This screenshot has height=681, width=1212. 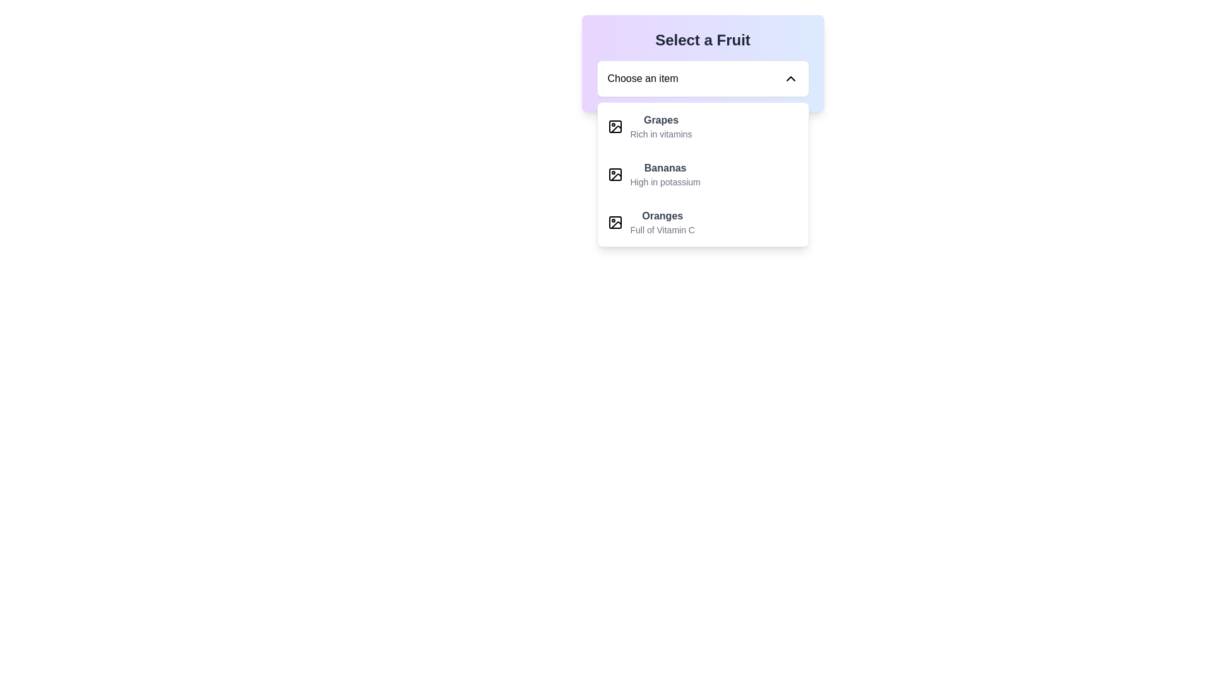 I want to click on the small icon resembling an image placeholder located to the left of the title 'Grapes' in the list under 'Select a Fruit', so click(x=619, y=126).